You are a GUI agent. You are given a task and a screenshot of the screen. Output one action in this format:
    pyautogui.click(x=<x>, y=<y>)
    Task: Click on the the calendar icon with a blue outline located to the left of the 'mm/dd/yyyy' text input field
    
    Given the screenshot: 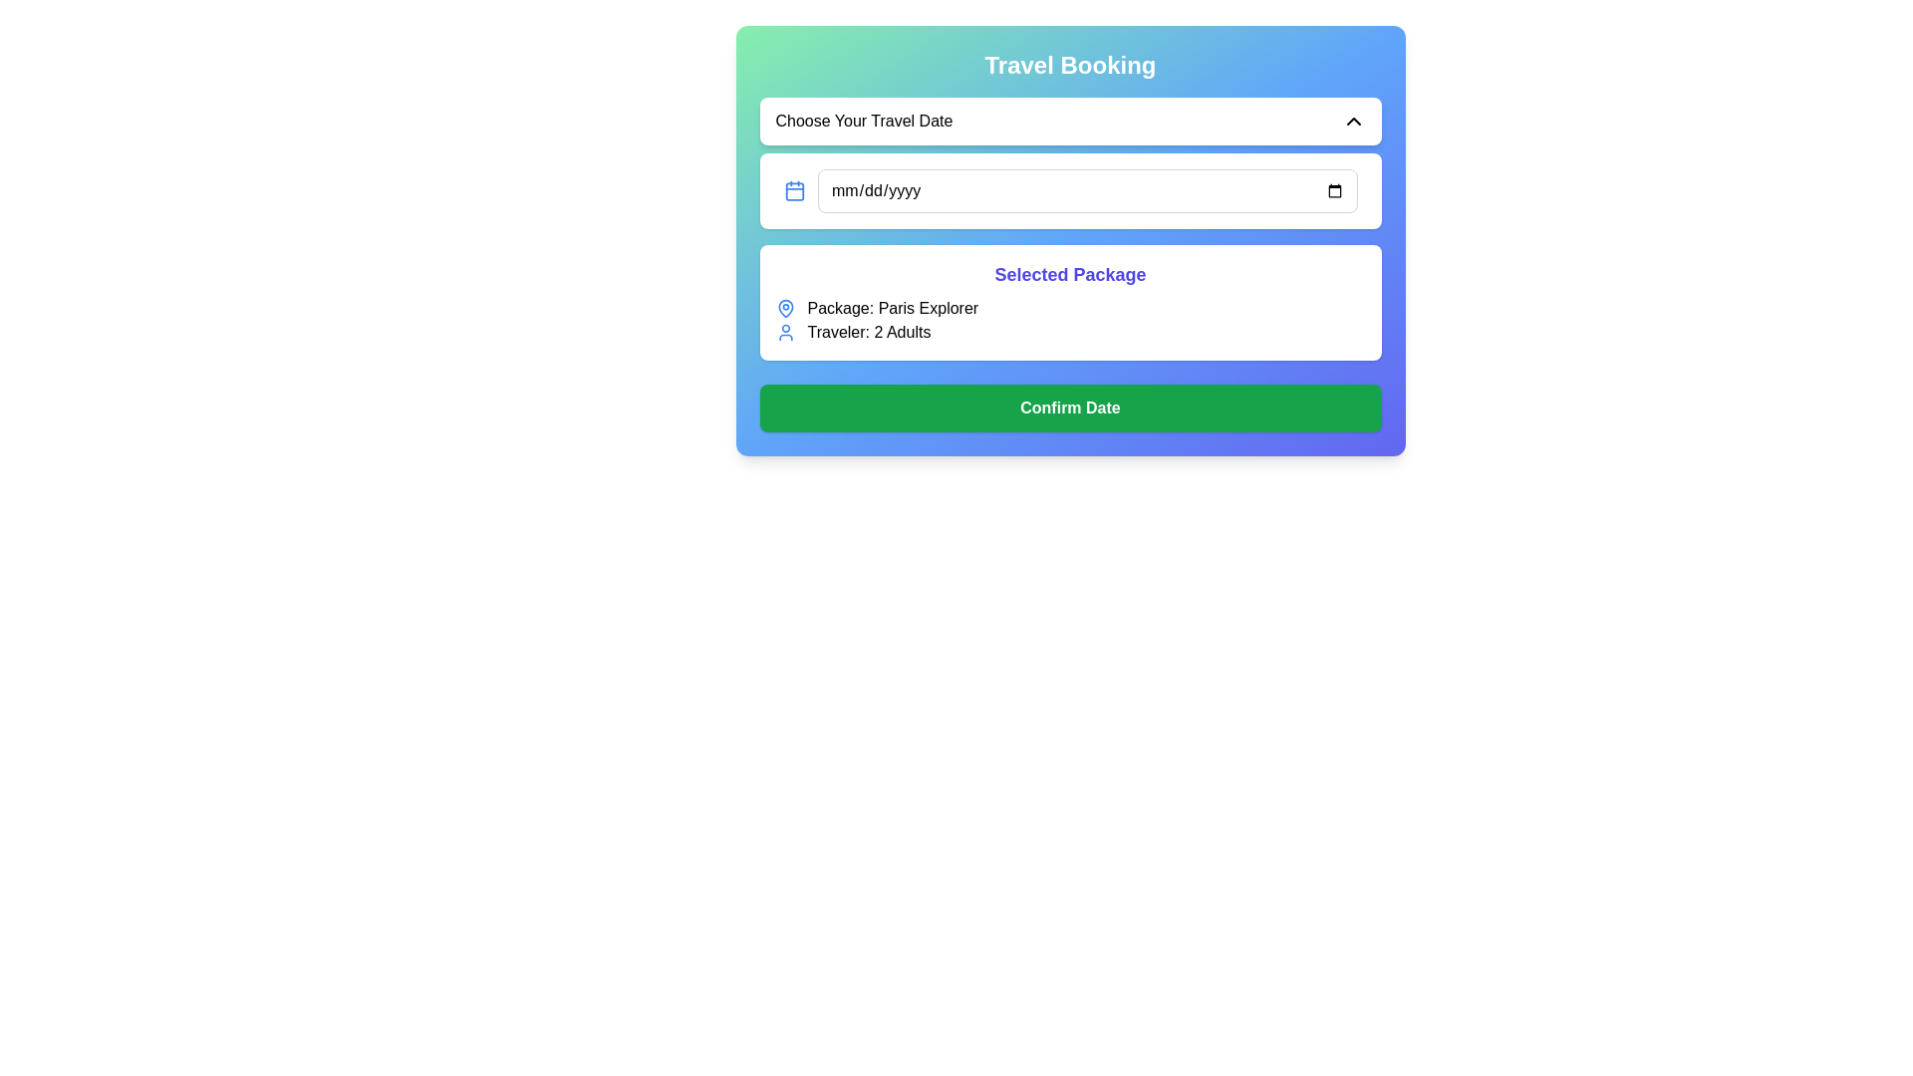 What is the action you would take?
    pyautogui.click(x=793, y=191)
    